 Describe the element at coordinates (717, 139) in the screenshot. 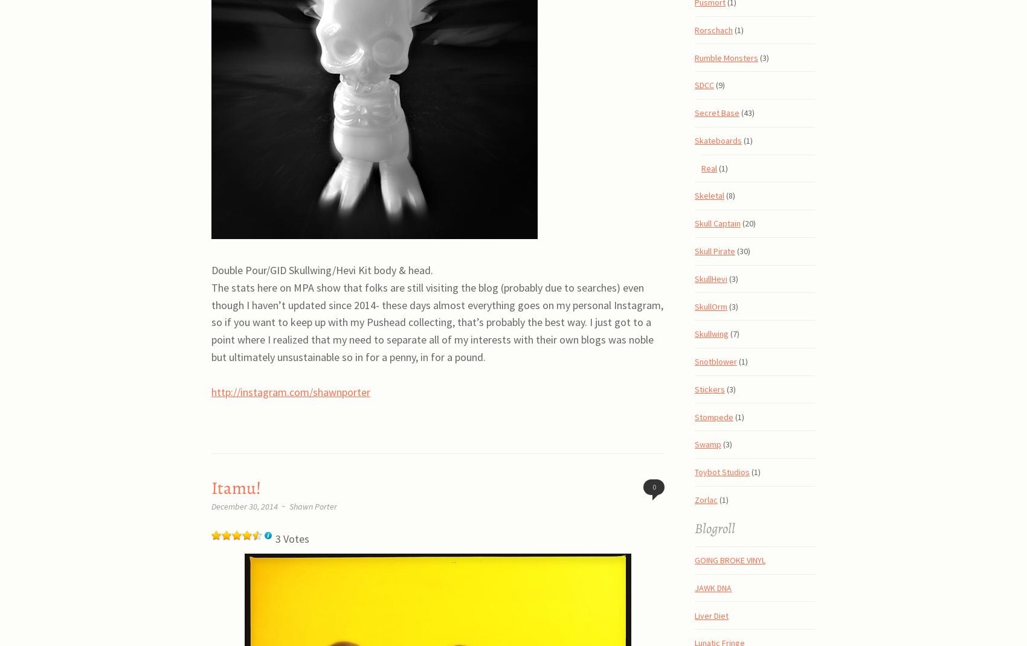

I see `'Skateboards'` at that location.